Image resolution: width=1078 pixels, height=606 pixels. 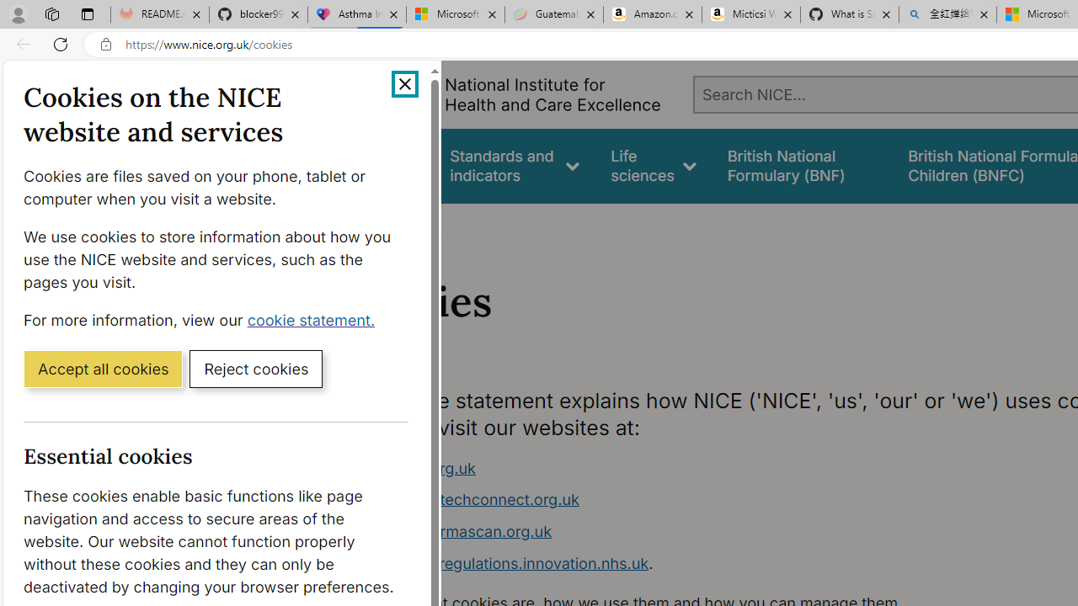 What do you see at coordinates (385, 166) in the screenshot?
I see `'Guidance'` at bounding box center [385, 166].